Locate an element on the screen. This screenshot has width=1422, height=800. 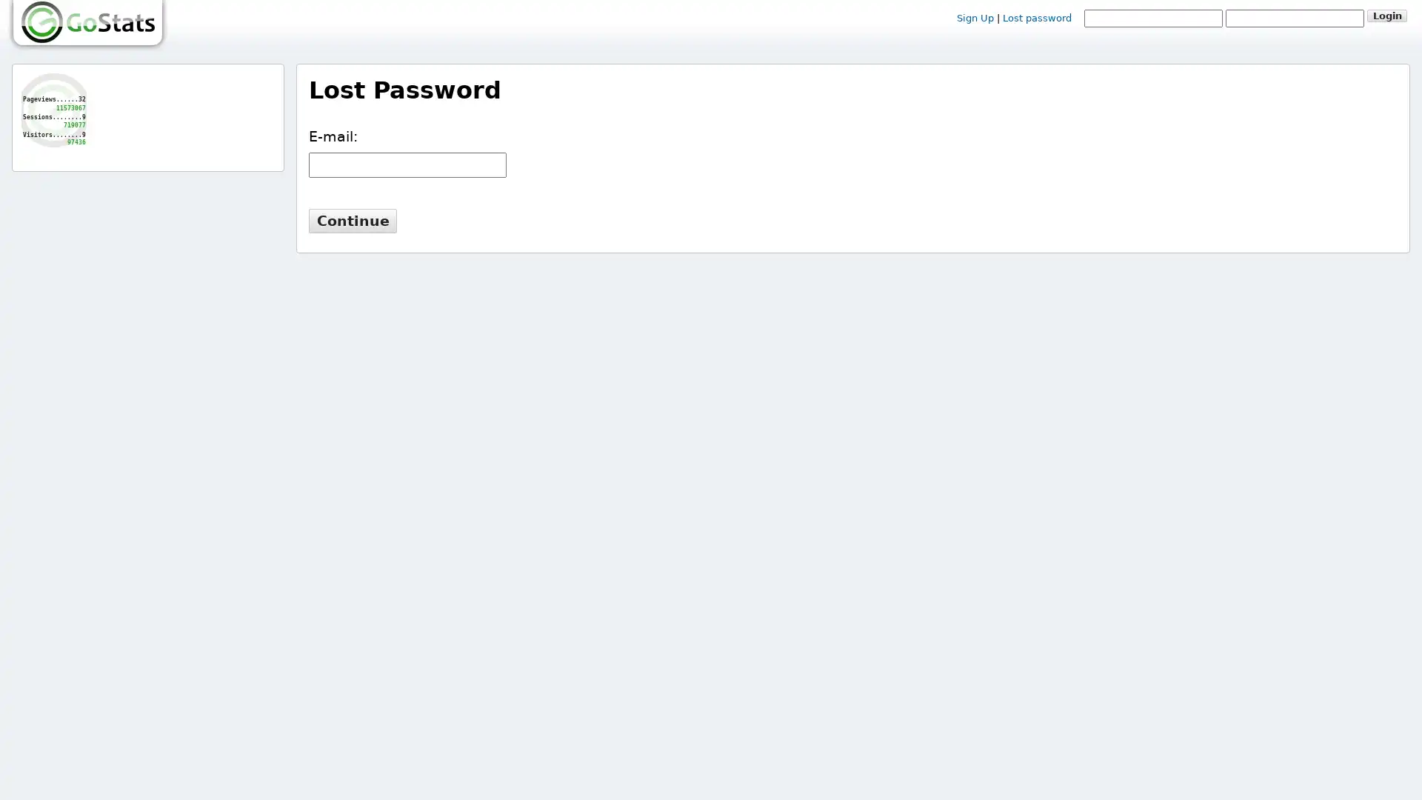
Let's talk! is located at coordinates (1363, 774).